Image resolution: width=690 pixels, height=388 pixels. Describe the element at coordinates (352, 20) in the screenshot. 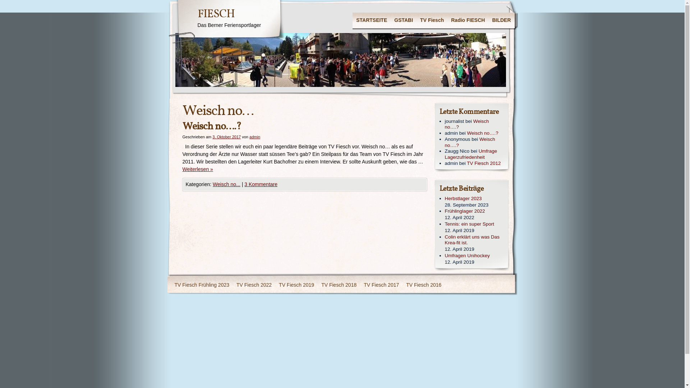

I see `'STARTSEITE'` at that location.